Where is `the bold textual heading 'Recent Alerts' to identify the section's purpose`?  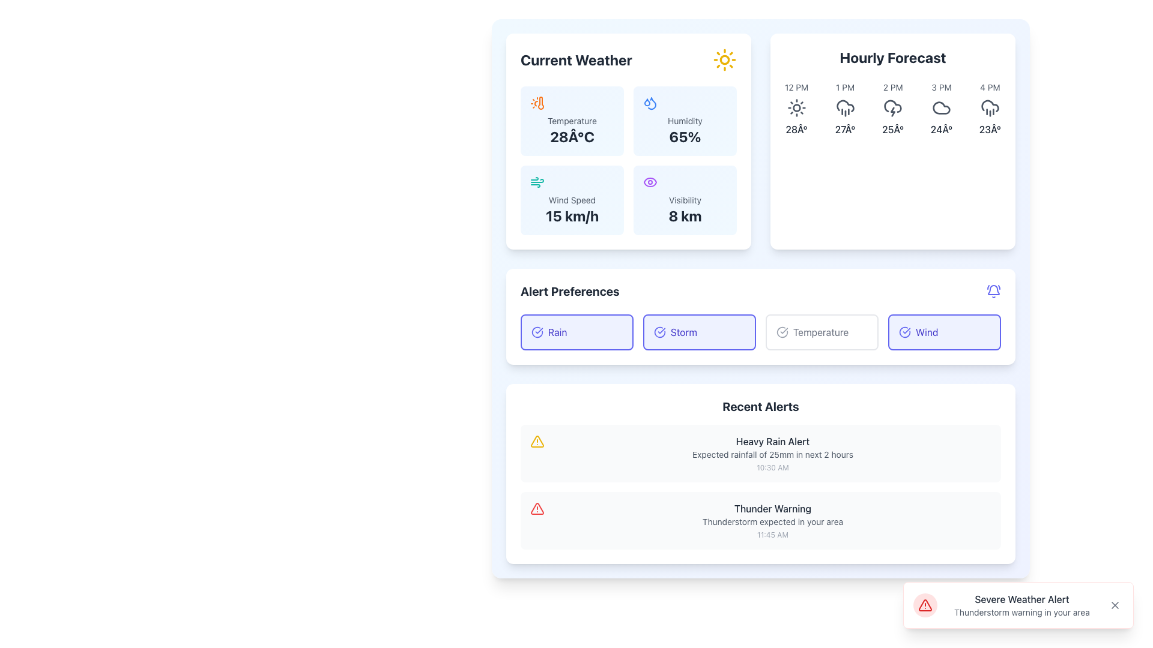
the bold textual heading 'Recent Alerts' to identify the section's purpose is located at coordinates (760, 406).